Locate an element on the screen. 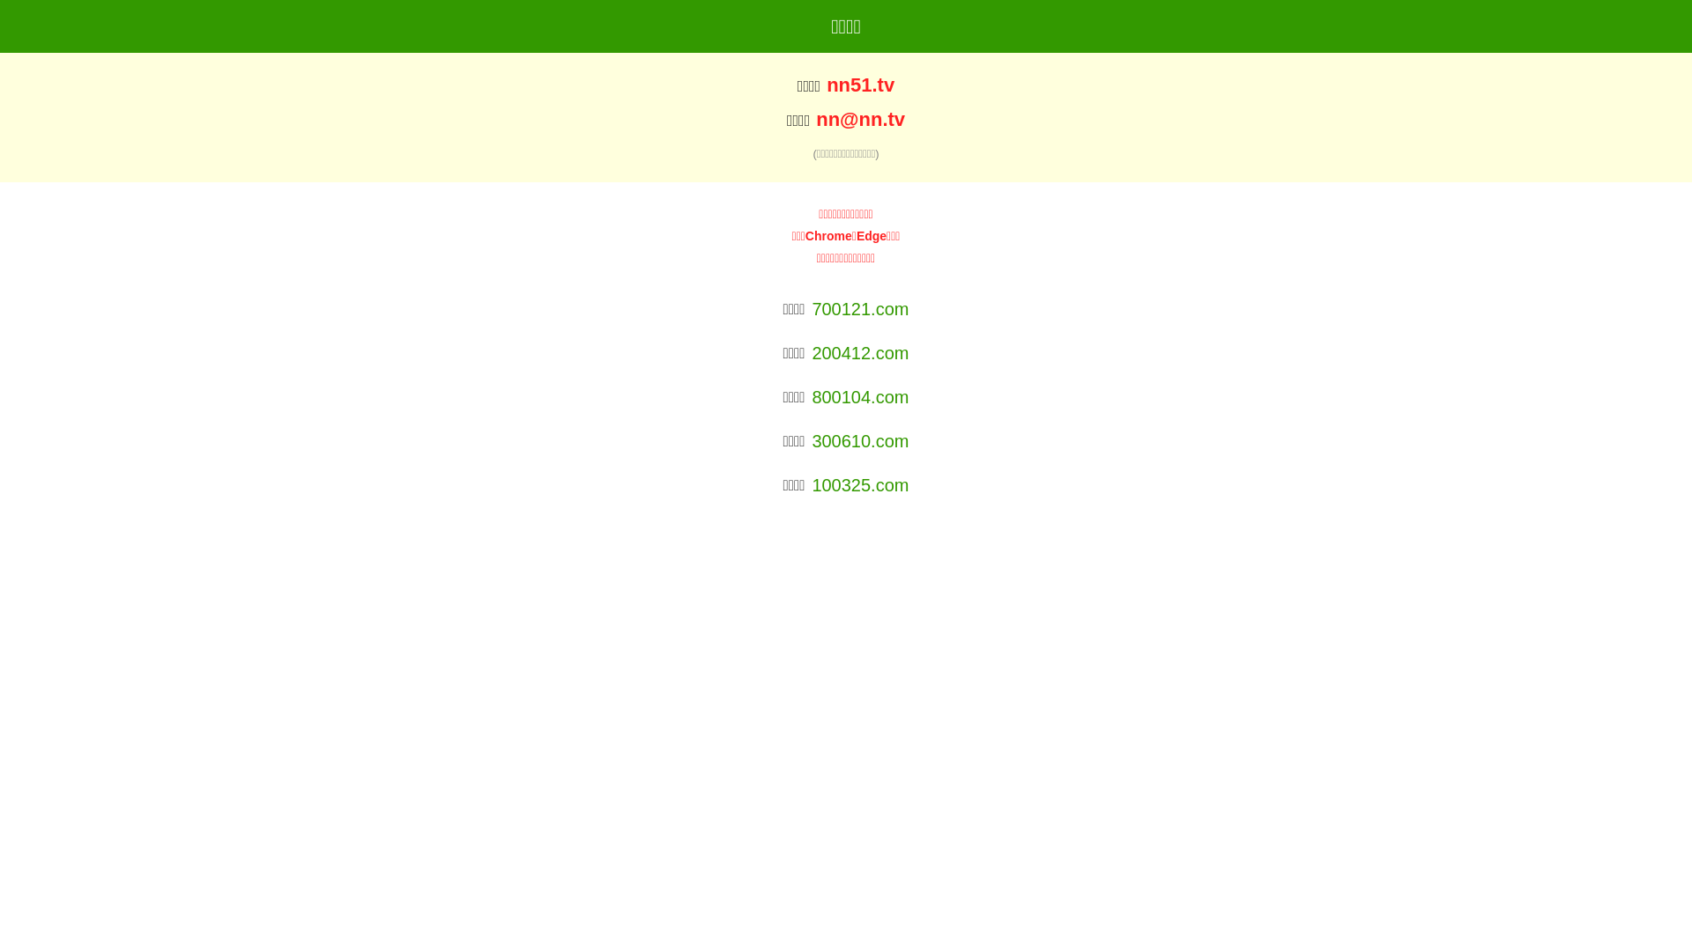 The image size is (1692, 951). '700121.com' is located at coordinates (859, 308).